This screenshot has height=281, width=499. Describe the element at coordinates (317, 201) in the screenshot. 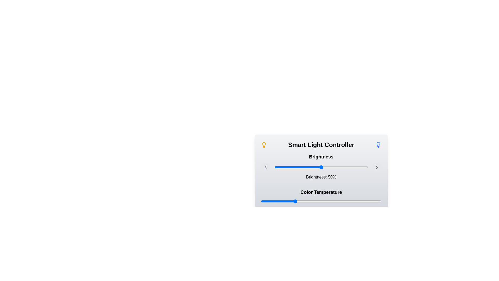

I see `color temperature` at that location.